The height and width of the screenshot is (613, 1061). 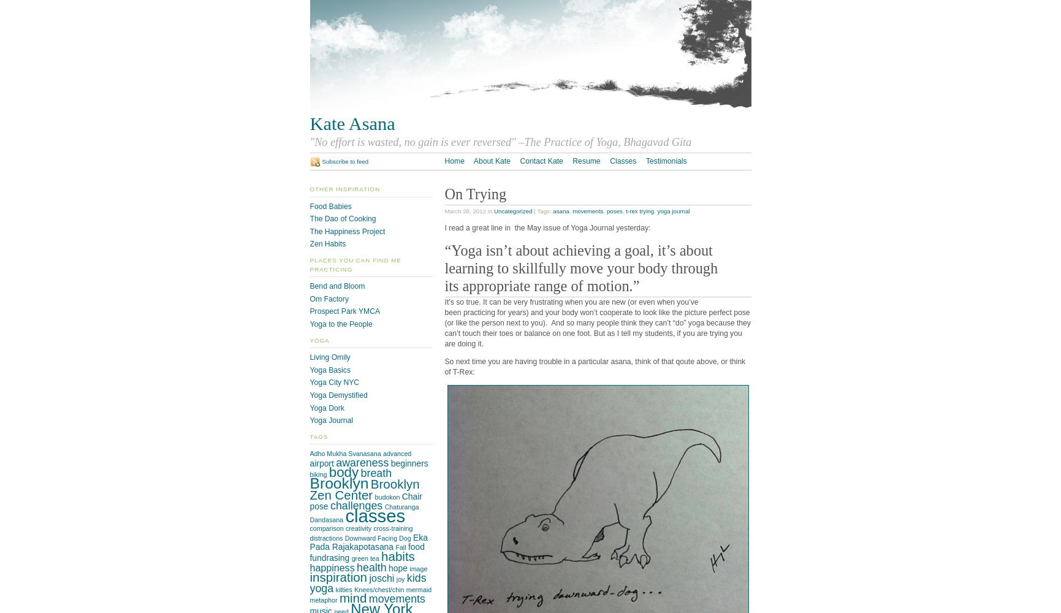 What do you see at coordinates (380, 556) in the screenshot?
I see `'habits'` at bounding box center [380, 556].